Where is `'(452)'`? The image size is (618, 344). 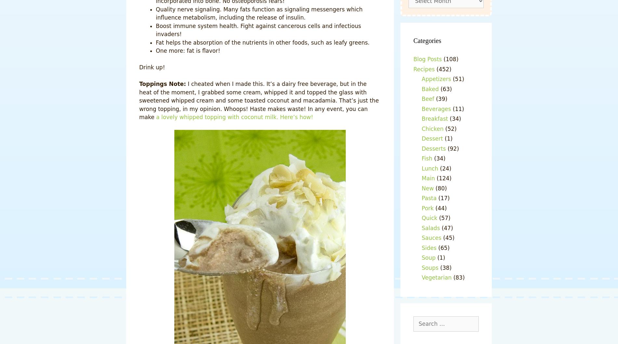 '(452)' is located at coordinates (434, 69).